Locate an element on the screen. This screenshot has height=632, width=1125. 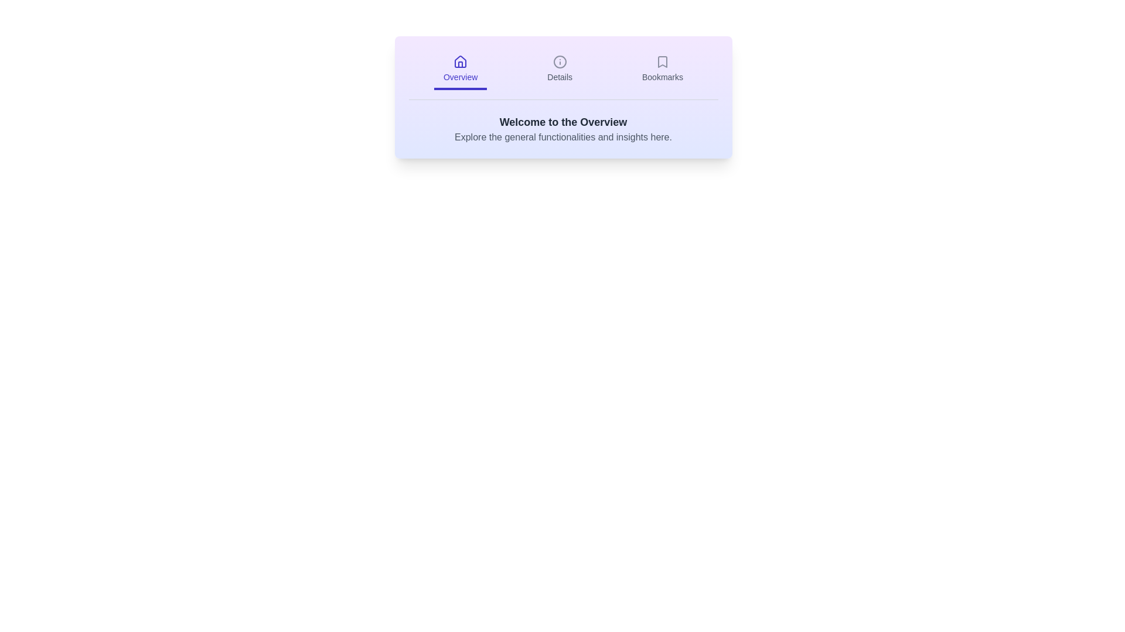
the navigation button that redirects to the 'Overview' section, located first in a group of tabs at the top center of the interface is located at coordinates (460, 70).